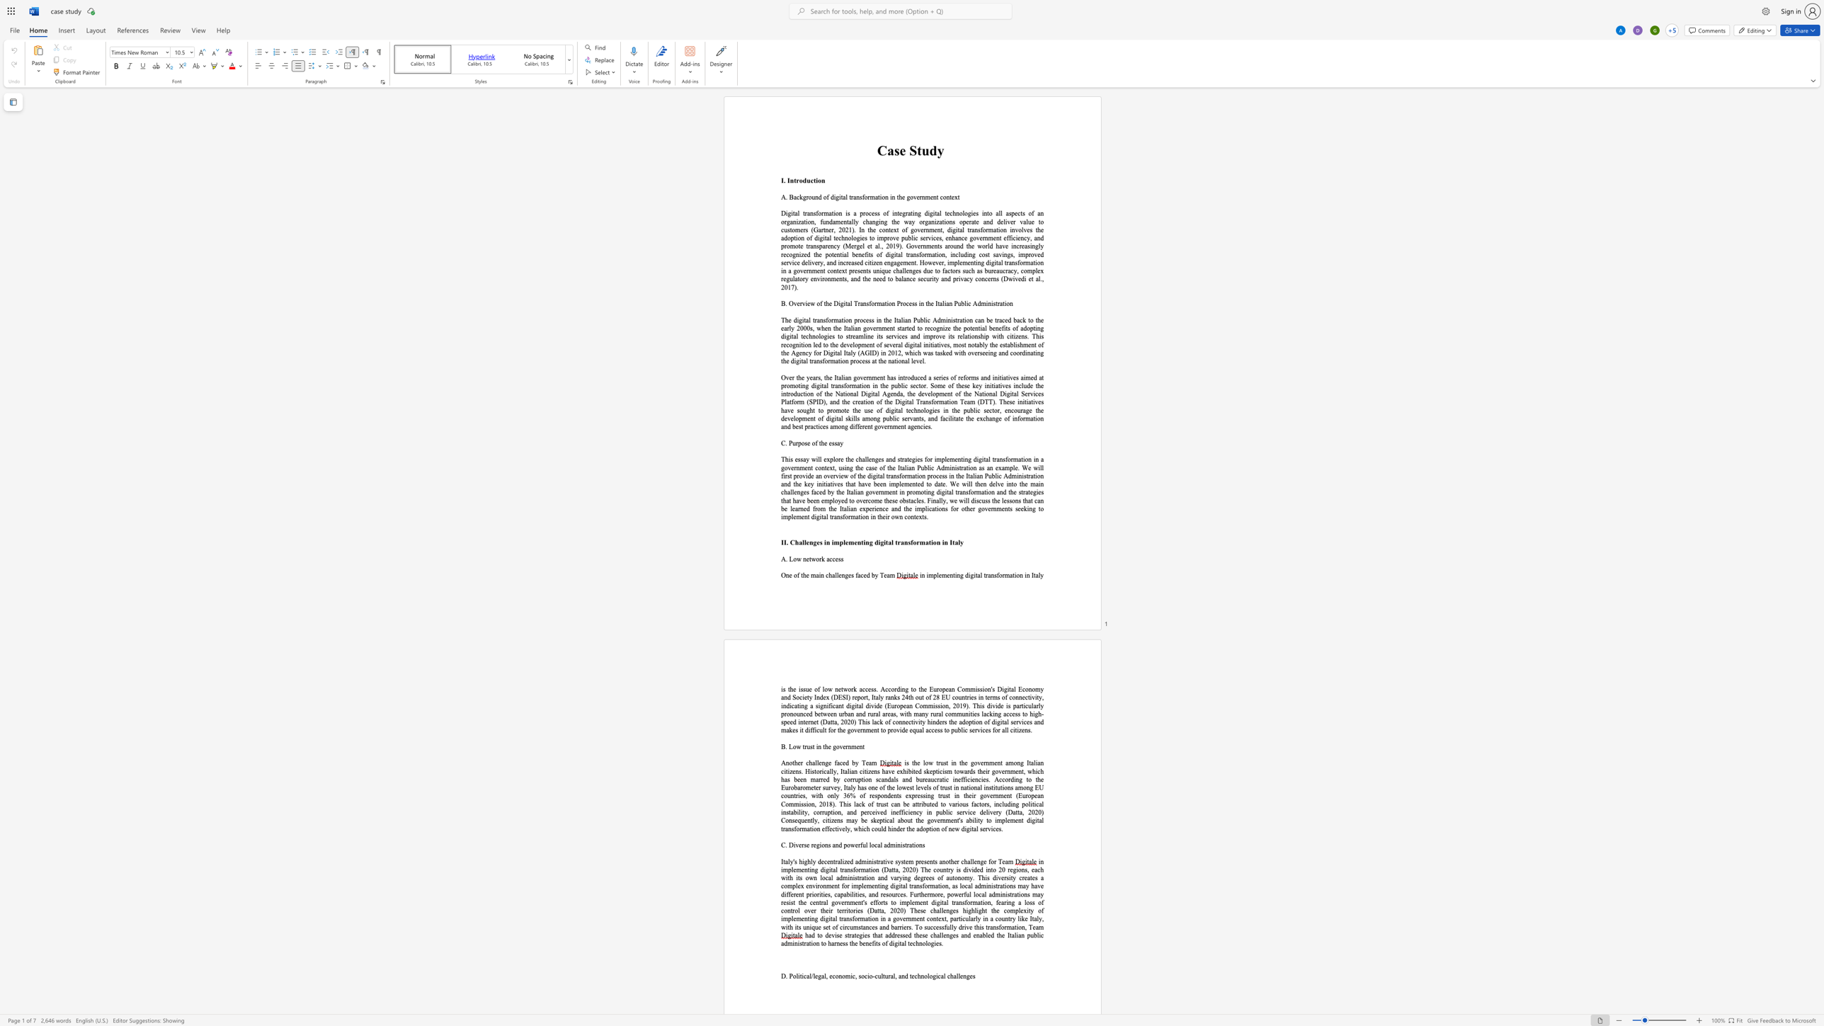 The image size is (1824, 1026). I want to click on the space between the continuous character "r" and "a" in the text, so click(1022, 410).